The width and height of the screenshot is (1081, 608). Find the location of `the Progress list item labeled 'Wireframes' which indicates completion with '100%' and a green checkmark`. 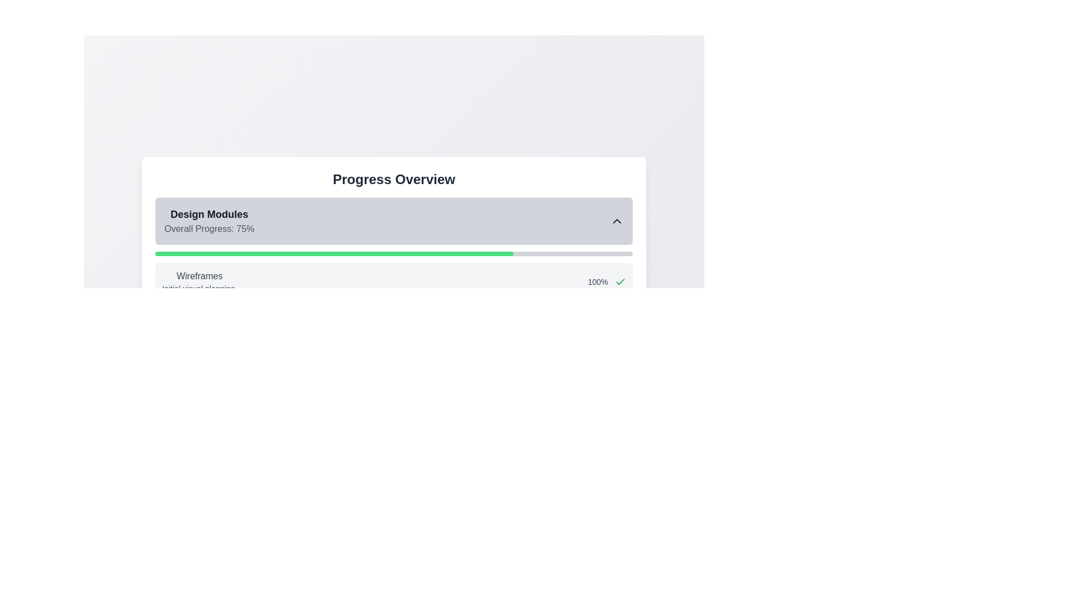

the Progress list item labeled 'Wireframes' which indicates completion with '100%' and a green checkmark is located at coordinates (394, 281).